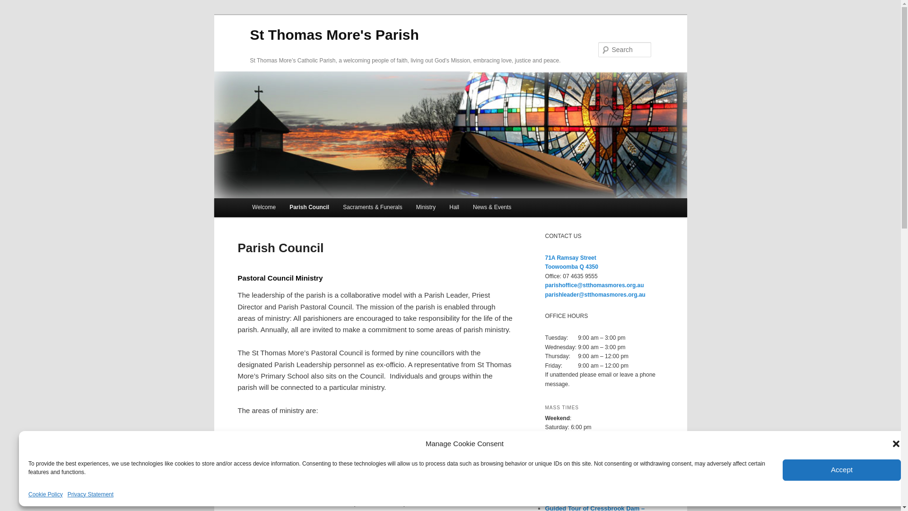 This screenshot has height=511, width=908. I want to click on 'Ministry', so click(425, 207).